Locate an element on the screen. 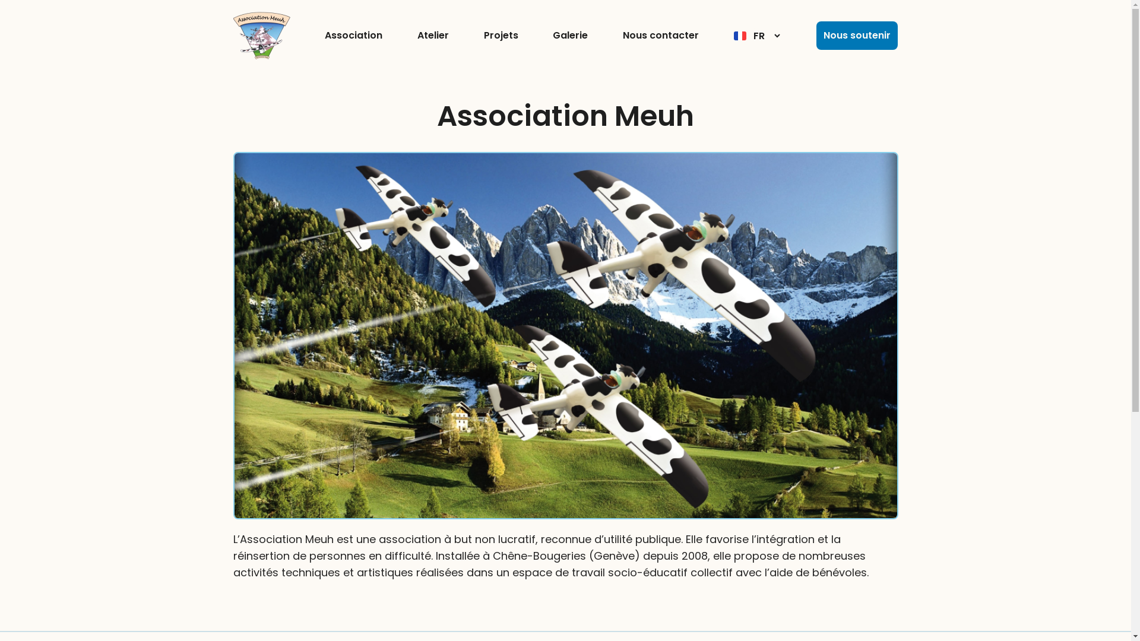 Image resolution: width=1140 pixels, height=641 pixels. 'Nous soutenir' is located at coordinates (815, 35).